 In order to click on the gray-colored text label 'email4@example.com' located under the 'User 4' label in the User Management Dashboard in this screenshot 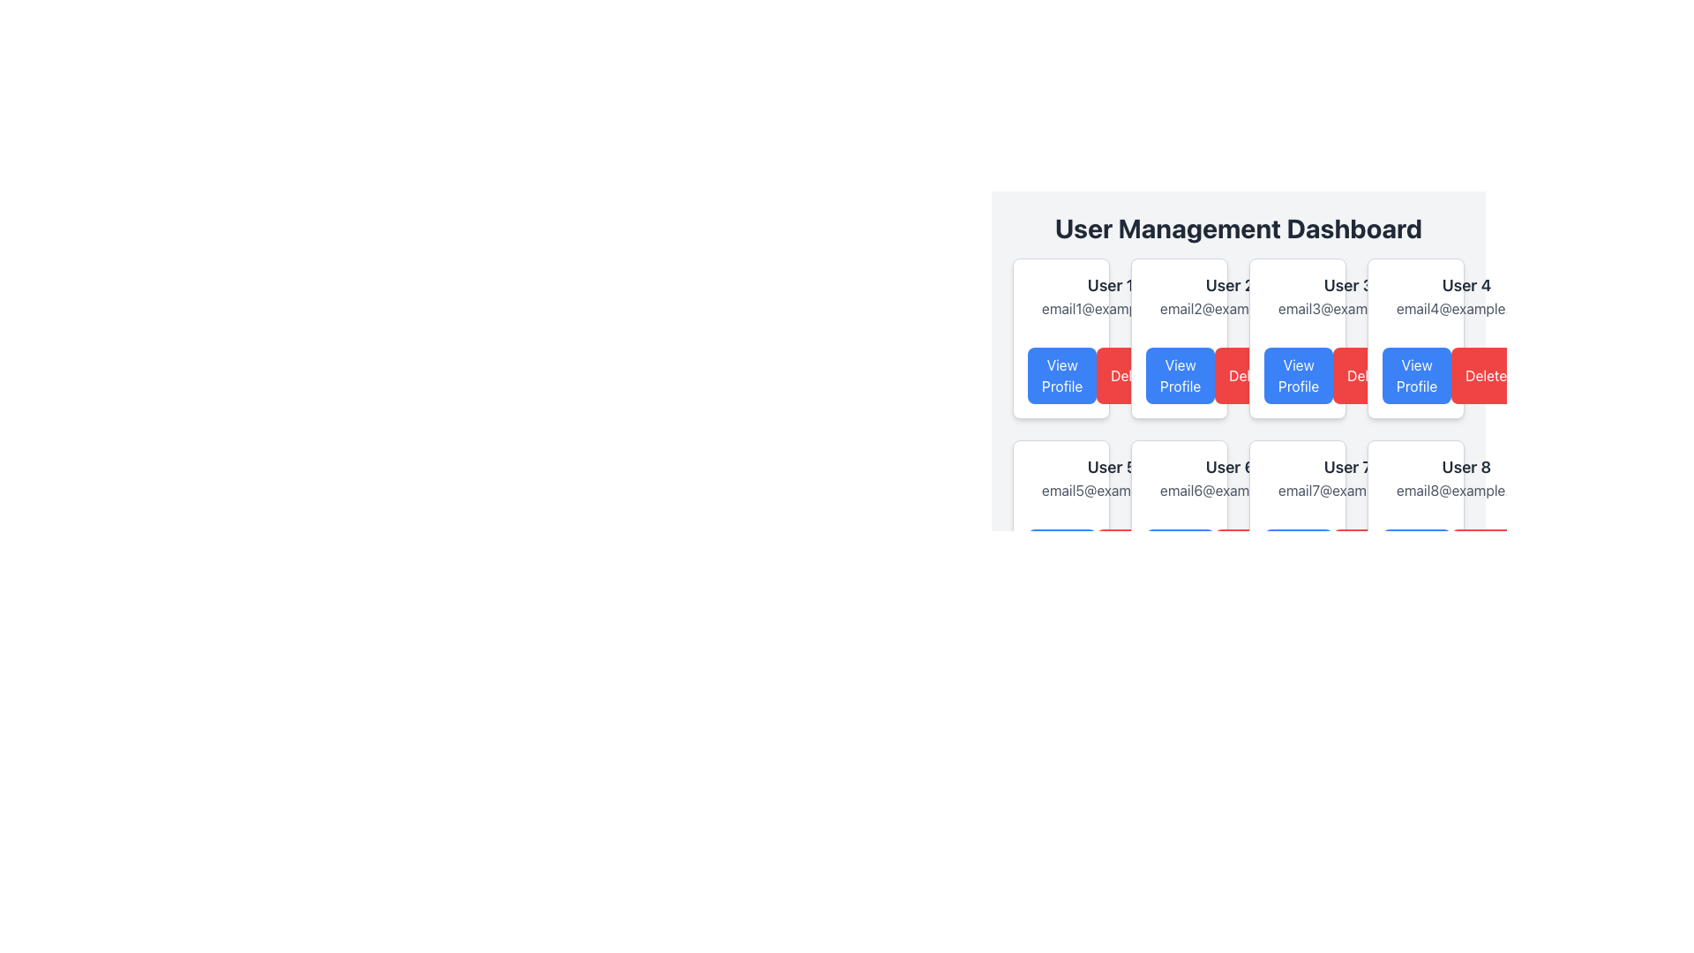, I will do `click(1466, 308)`.